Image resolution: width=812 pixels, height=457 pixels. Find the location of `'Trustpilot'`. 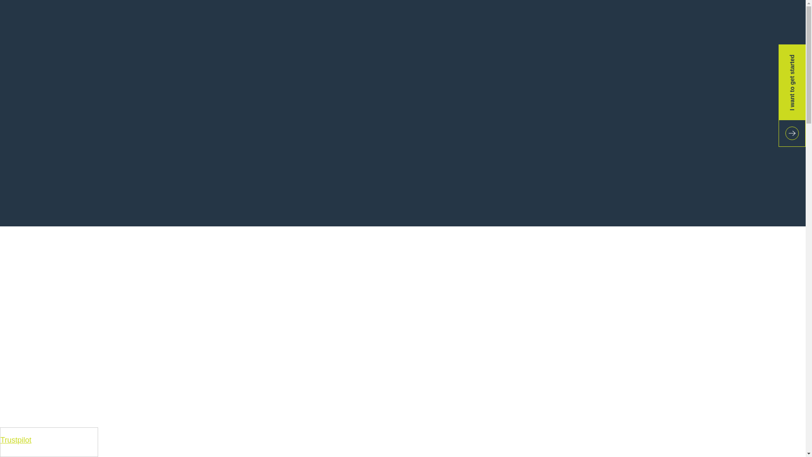

'Trustpilot' is located at coordinates (16, 440).